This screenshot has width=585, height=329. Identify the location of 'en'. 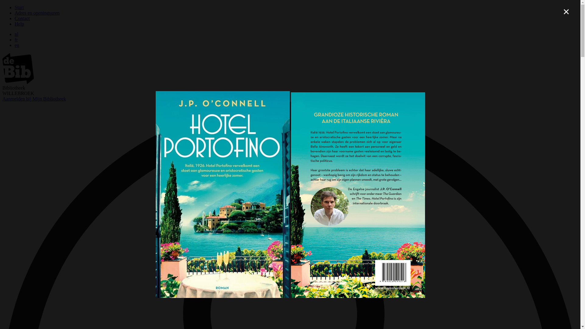
(17, 45).